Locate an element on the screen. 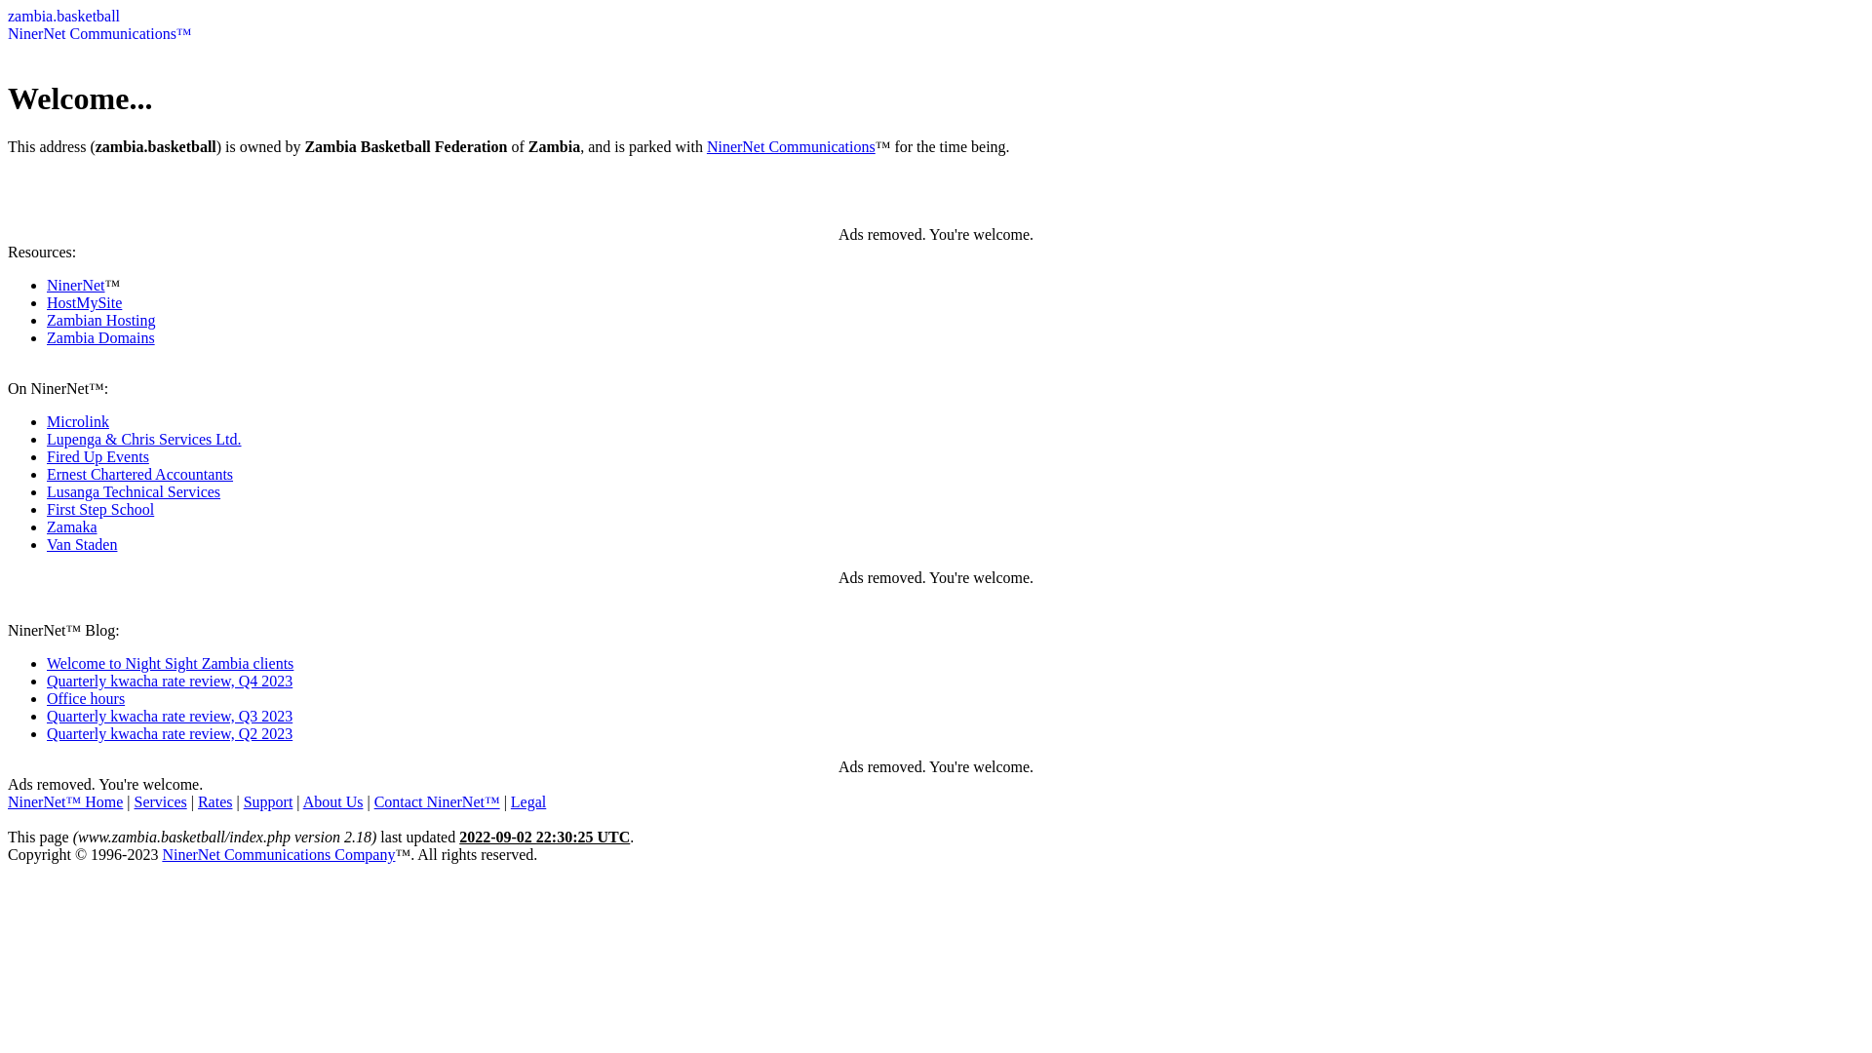  'Quarterly kwacha rate review, Q3 2023' is located at coordinates (169, 716).